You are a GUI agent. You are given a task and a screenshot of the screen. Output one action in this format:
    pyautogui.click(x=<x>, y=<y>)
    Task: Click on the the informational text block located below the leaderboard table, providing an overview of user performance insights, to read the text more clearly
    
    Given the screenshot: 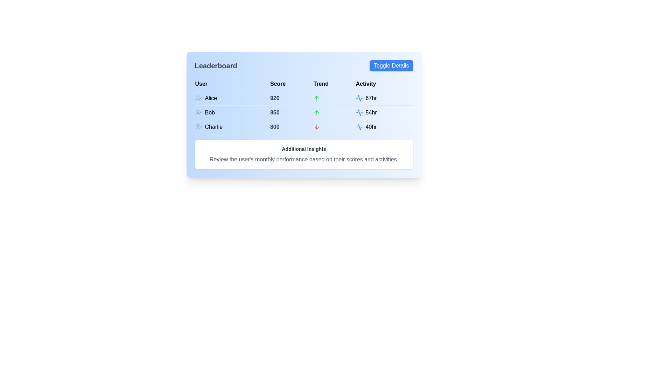 What is the action you would take?
    pyautogui.click(x=304, y=154)
    